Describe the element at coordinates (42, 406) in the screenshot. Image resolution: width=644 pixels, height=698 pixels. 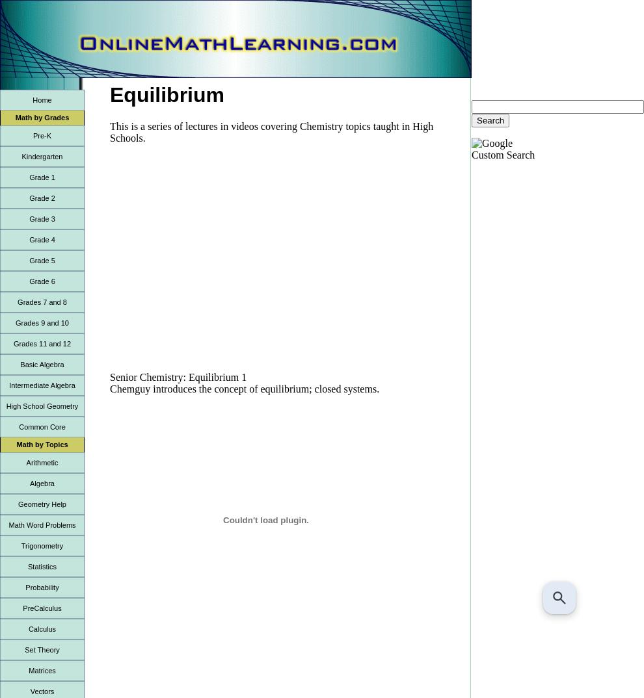
I see `'High School Geometry'` at that location.